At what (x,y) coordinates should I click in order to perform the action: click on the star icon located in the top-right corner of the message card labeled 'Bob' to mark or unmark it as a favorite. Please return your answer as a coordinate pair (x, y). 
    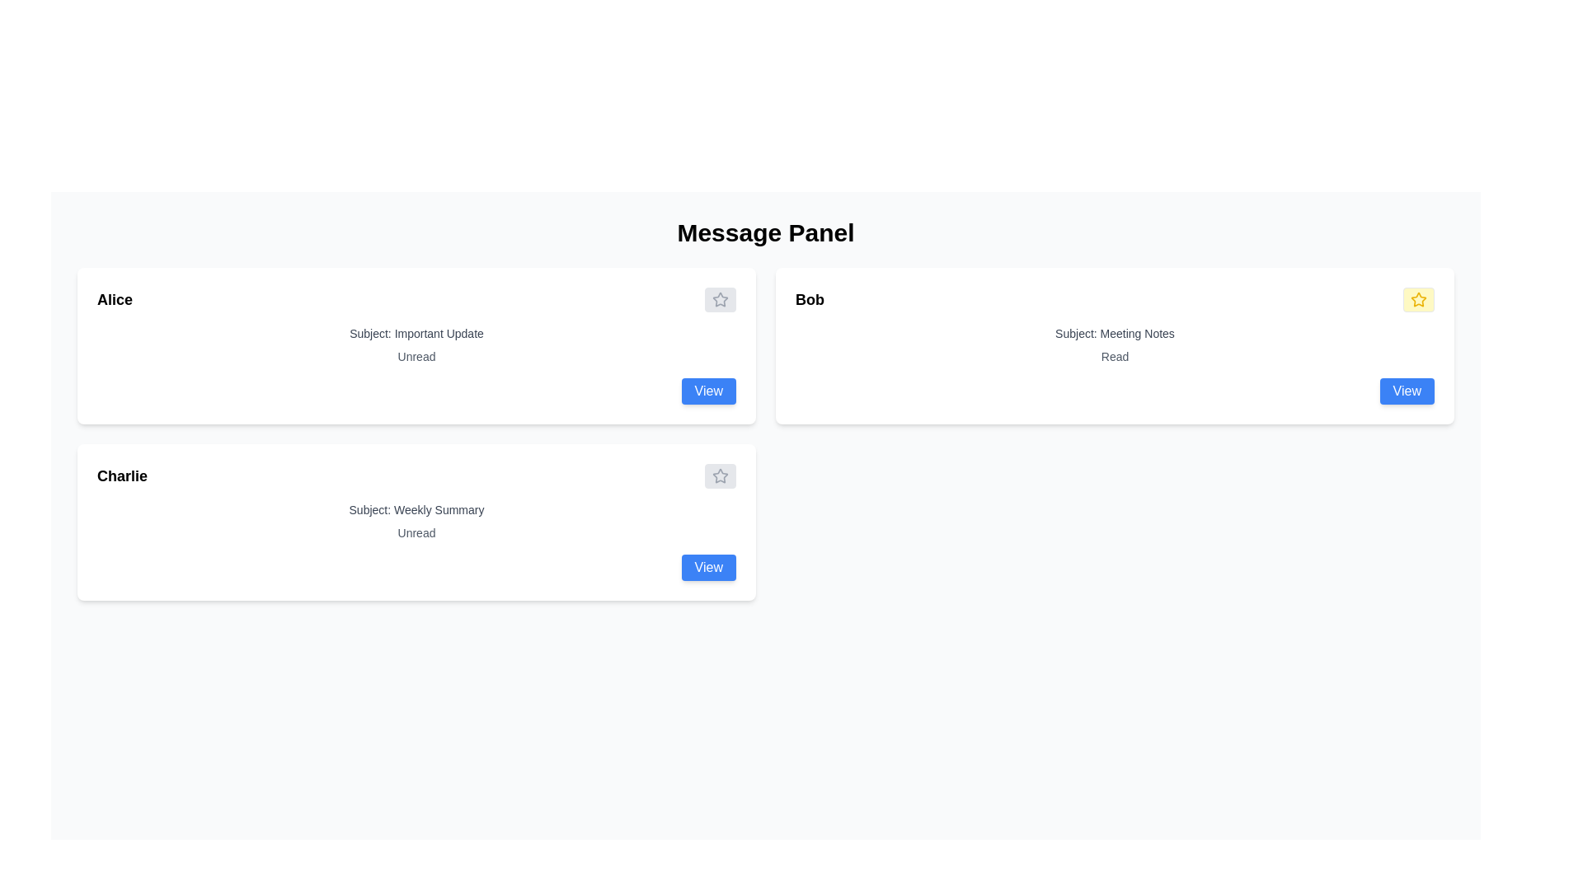
    Looking at the image, I should click on (1416, 298).